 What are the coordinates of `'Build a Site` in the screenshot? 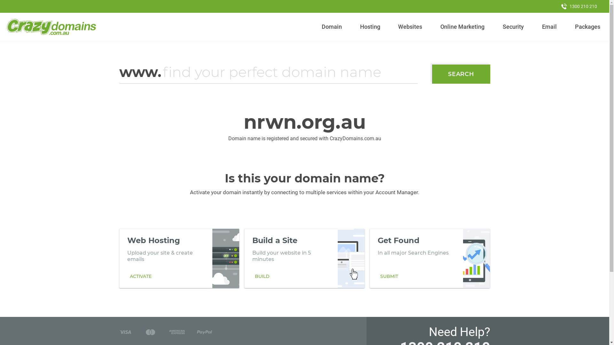 It's located at (304, 258).